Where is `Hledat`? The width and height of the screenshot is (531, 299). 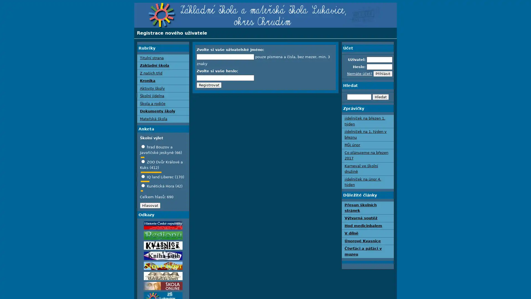 Hledat is located at coordinates (380, 96).